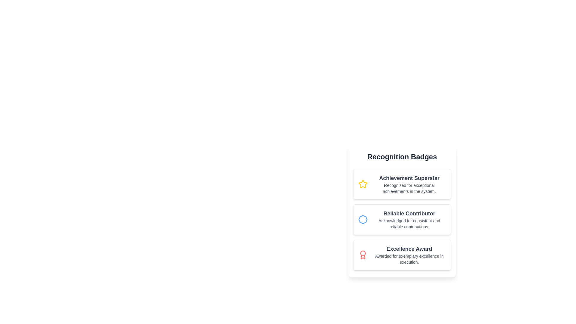 The width and height of the screenshot is (576, 324). What do you see at coordinates (409, 223) in the screenshot?
I see `the Text label providing additional information for the 'Reliable Contributor' badge, located below it in the recognition badges list` at bounding box center [409, 223].